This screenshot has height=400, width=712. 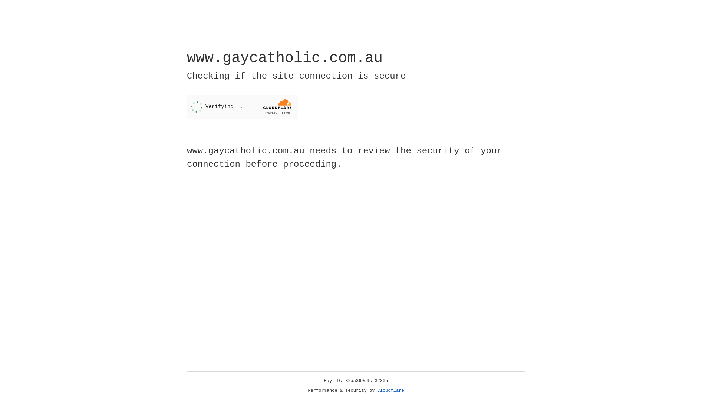 I want to click on 'Cloudflare', so click(x=390, y=390).